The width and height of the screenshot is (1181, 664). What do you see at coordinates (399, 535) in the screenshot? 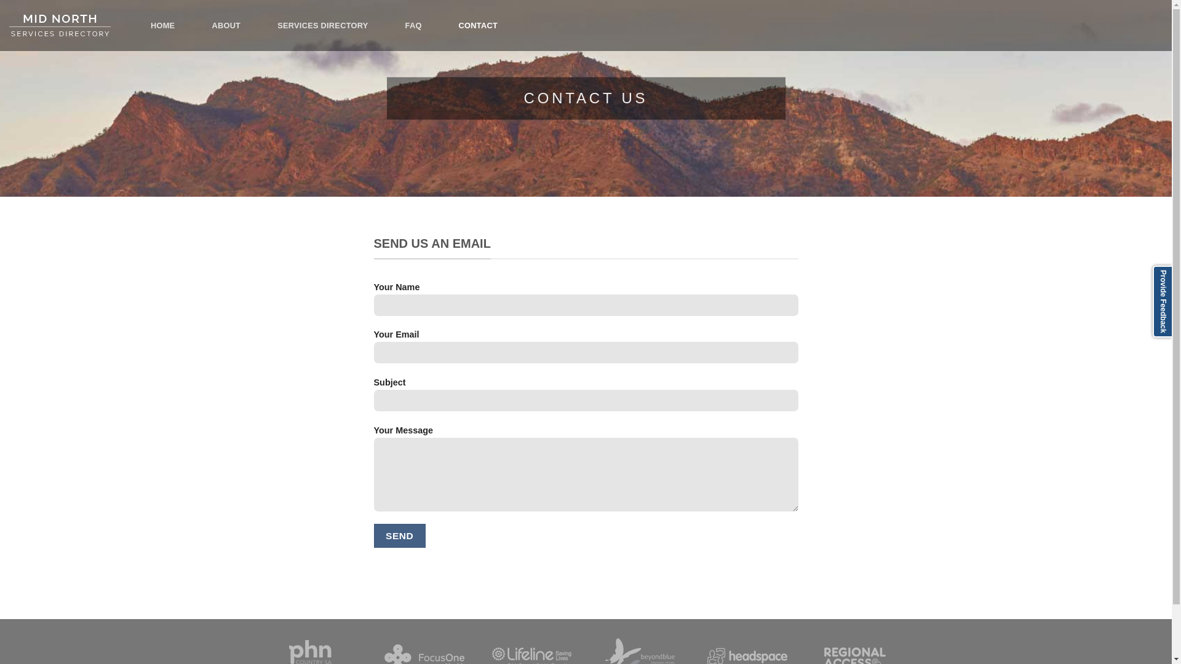
I see `'Send'` at bounding box center [399, 535].